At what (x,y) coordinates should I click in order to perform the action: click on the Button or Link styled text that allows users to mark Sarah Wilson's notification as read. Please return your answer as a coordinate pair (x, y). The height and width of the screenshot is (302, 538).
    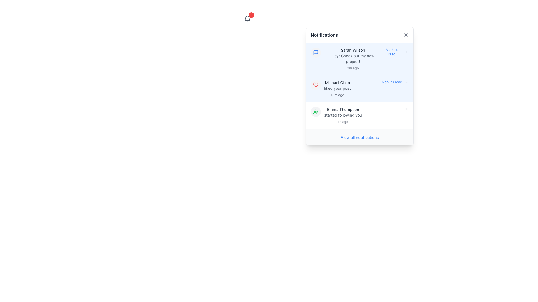
    Looking at the image, I should click on (391, 52).